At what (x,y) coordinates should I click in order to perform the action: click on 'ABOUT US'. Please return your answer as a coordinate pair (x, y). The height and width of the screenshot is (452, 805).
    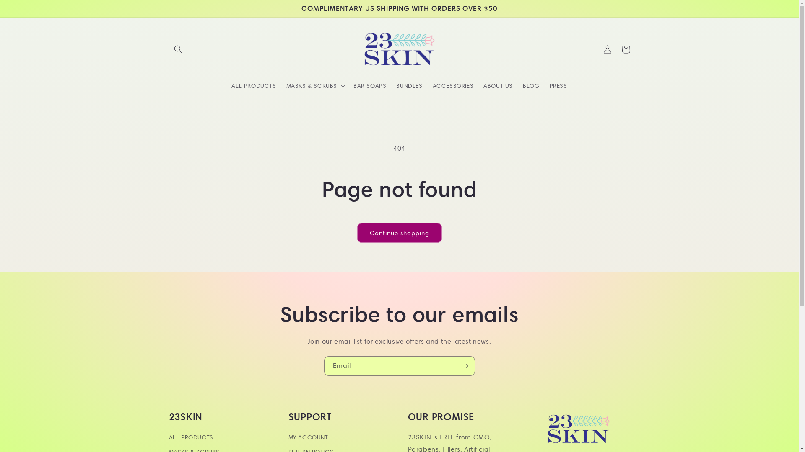
    Looking at the image, I should click on (498, 85).